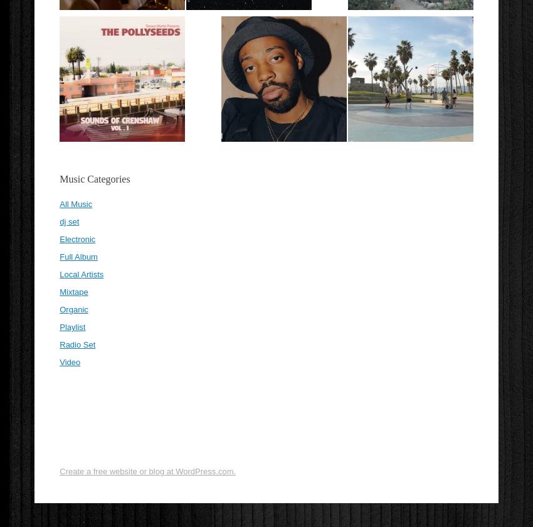  Describe the element at coordinates (94, 179) in the screenshot. I see `'Music Categories'` at that location.